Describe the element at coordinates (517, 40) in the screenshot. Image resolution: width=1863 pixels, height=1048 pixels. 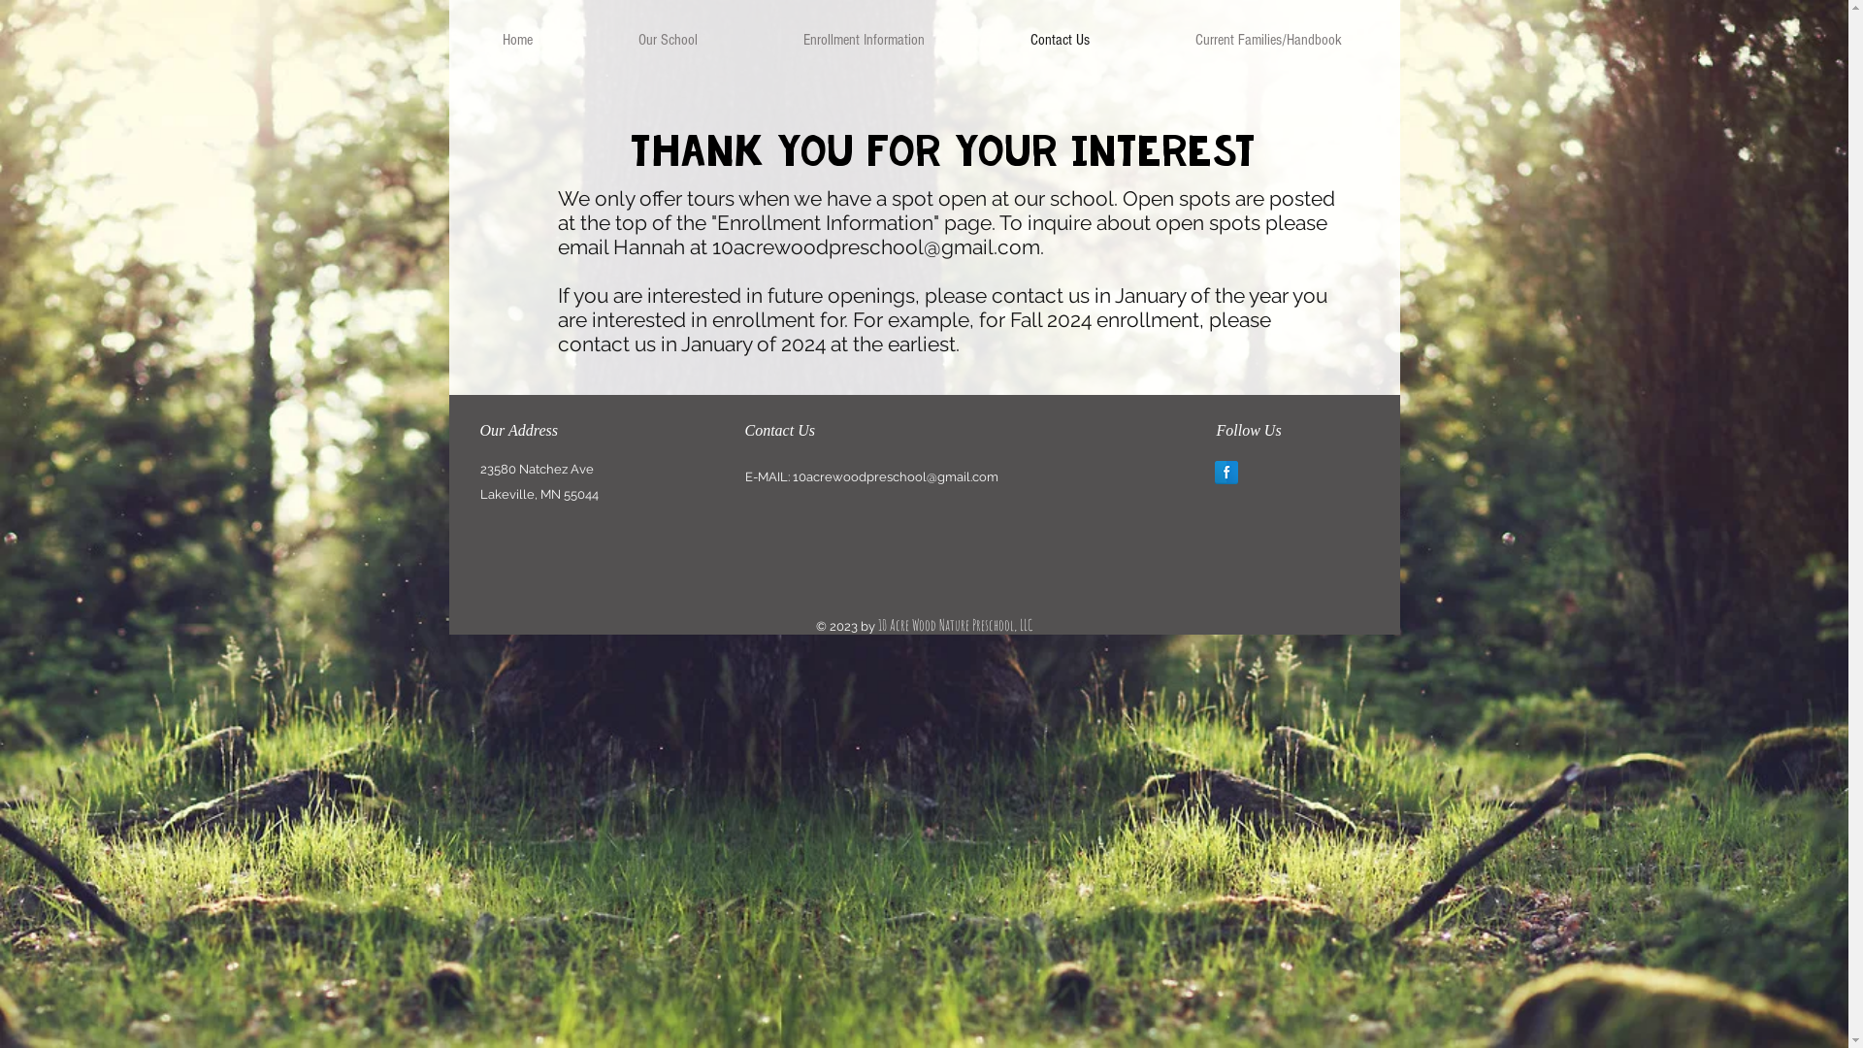
I see `'Home'` at that location.